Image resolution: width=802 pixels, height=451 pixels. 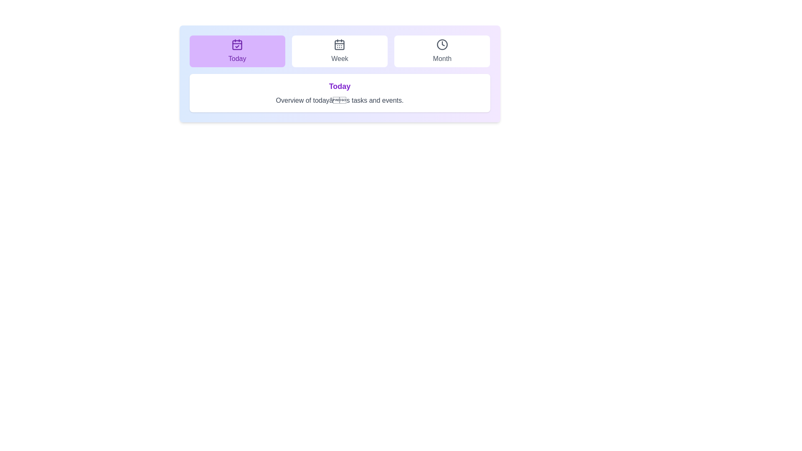 What do you see at coordinates (237, 45) in the screenshot?
I see `the icon within the Today tab` at bounding box center [237, 45].